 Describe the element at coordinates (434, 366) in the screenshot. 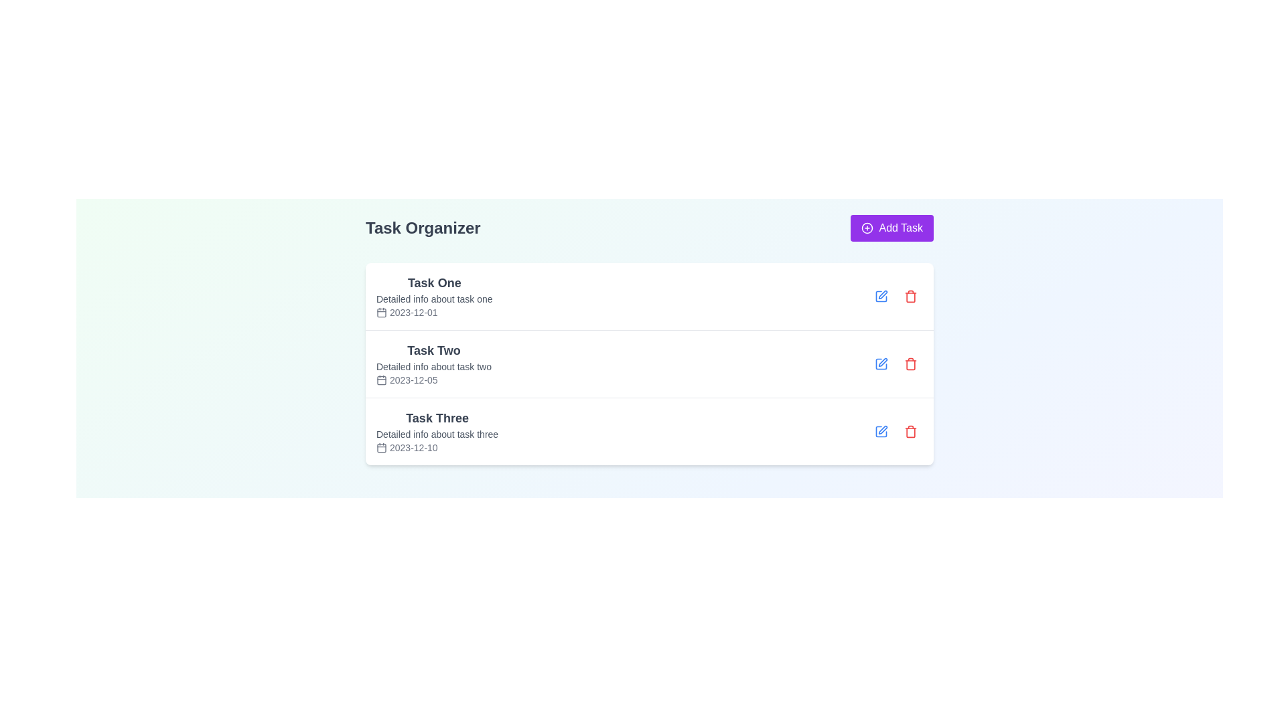

I see `the Text label that provides additional description for 'Task Two', positioned between the heading and the task's date` at that location.